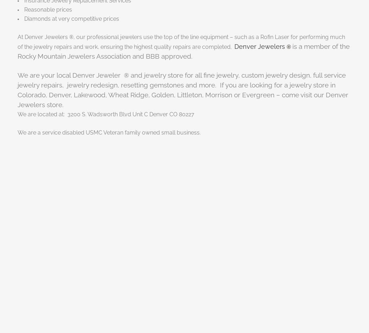 The image size is (369, 333). Describe the element at coordinates (42, 37) in the screenshot. I see `'At Denver Jewelers'` at that location.